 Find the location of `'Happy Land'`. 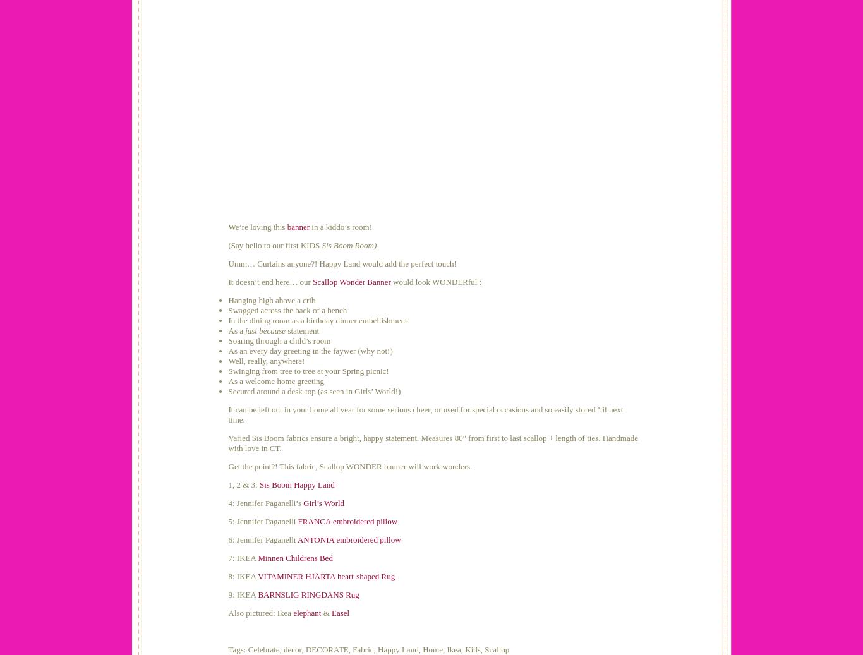

'Happy Land' is located at coordinates (397, 649).